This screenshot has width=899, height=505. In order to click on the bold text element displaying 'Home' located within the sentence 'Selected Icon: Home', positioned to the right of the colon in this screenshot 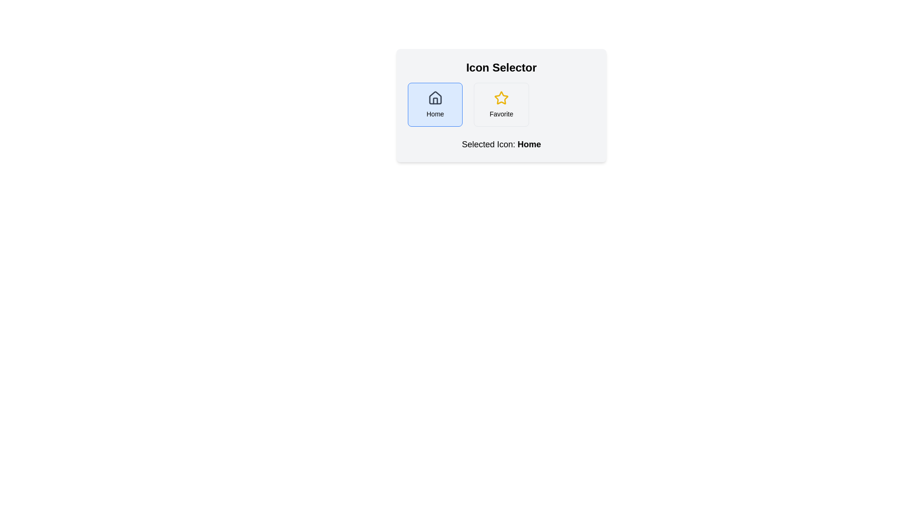, I will do `click(529, 144)`.